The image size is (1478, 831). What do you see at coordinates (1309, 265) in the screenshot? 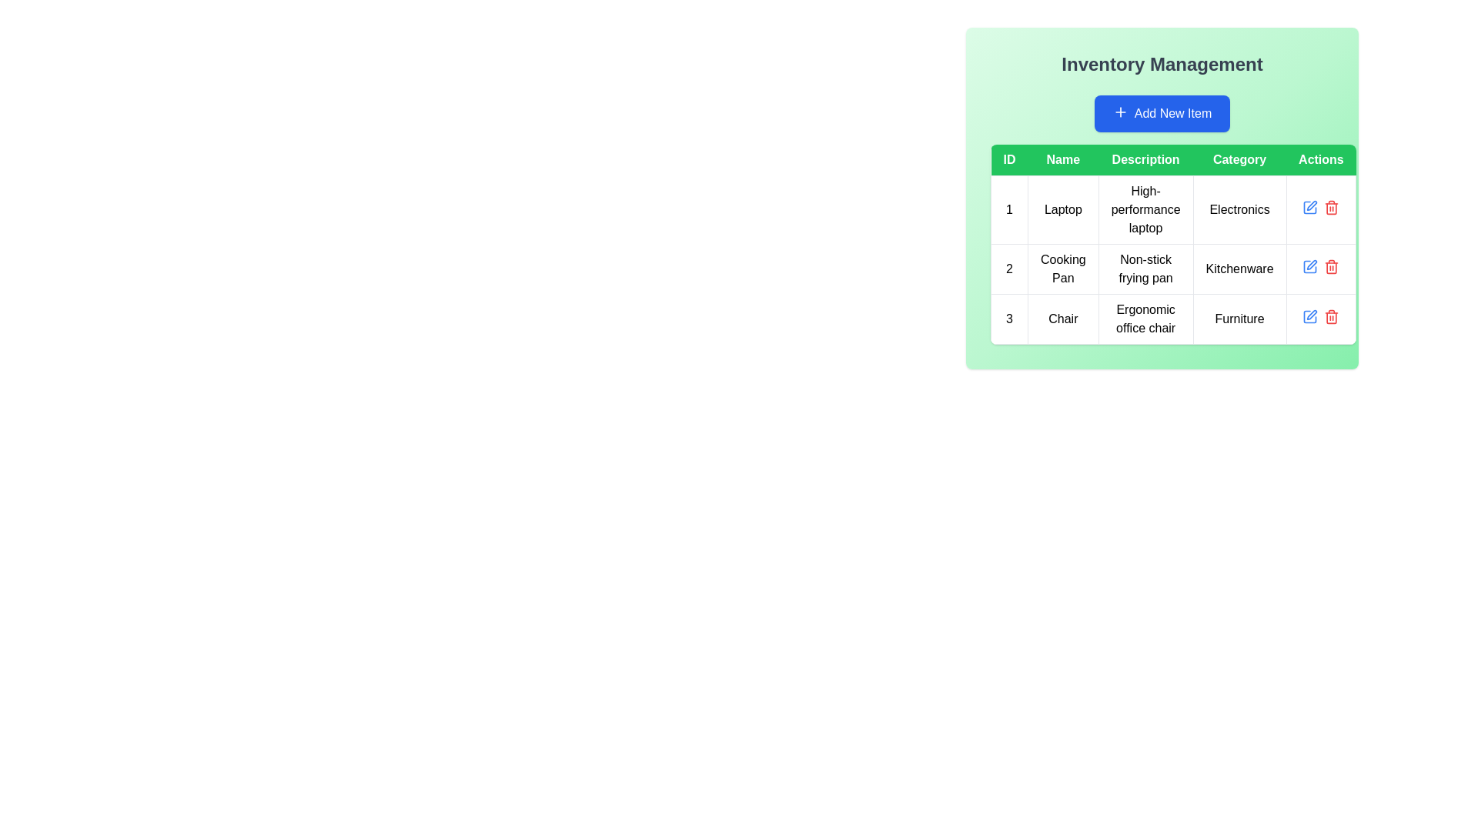
I see `the edit icon button located in the 'Actions' column of the second row in the table, associated with the 'Cooking Pan' entry, to initiate editing` at bounding box center [1309, 265].